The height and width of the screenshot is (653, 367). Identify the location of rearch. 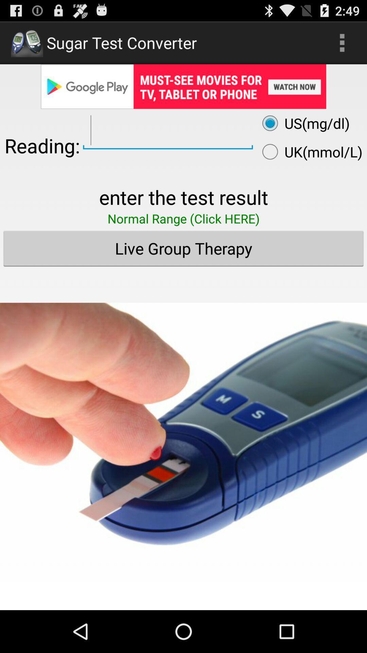
(168, 131).